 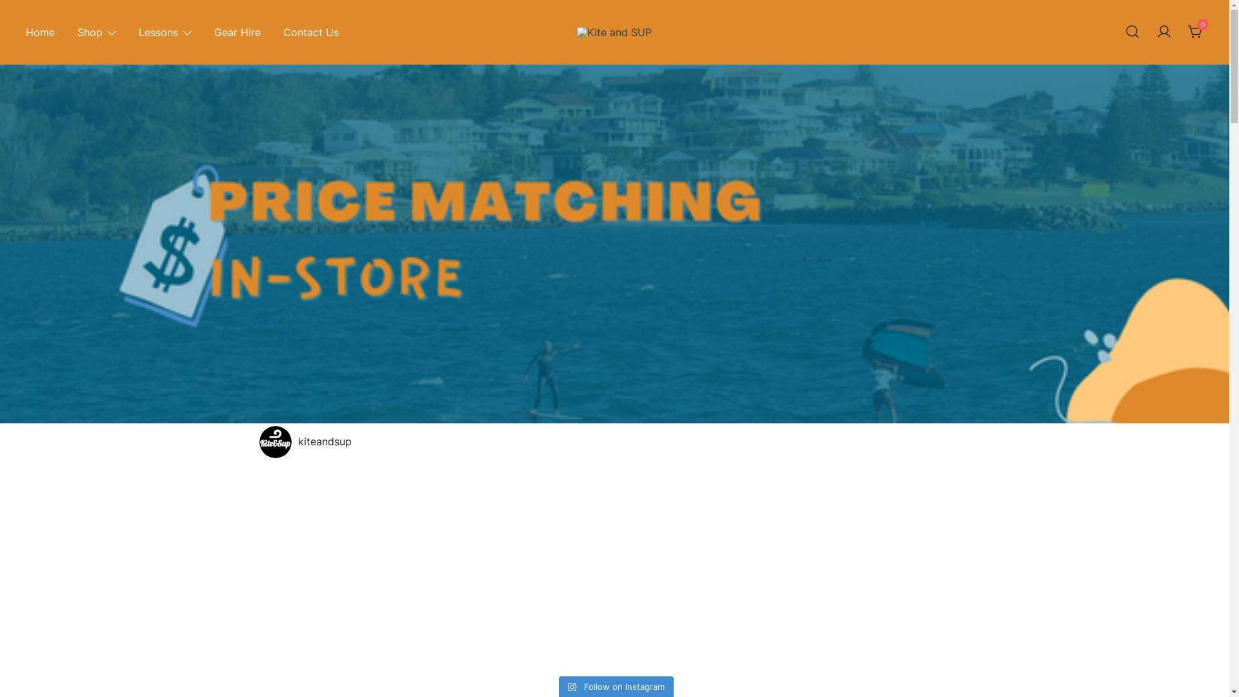 I want to click on '0', so click(x=1194, y=30).